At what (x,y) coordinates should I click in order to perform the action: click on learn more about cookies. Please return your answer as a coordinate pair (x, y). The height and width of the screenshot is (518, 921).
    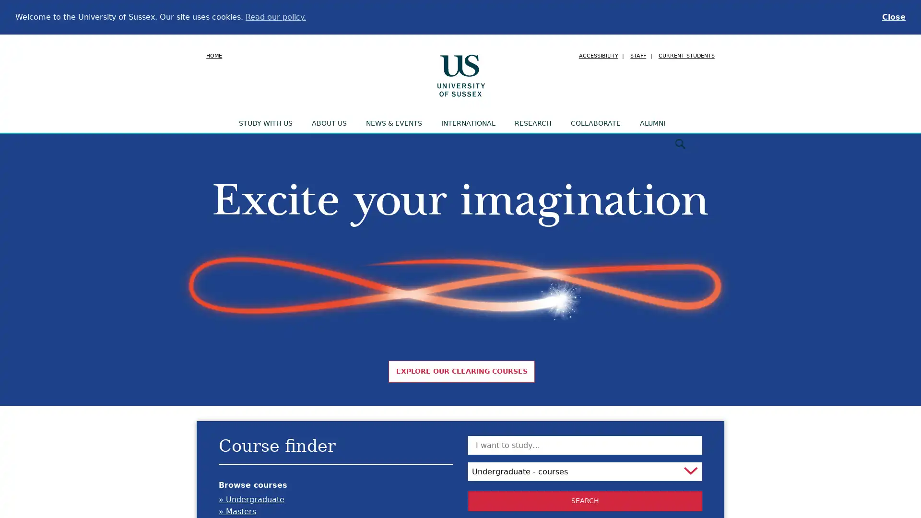
    Looking at the image, I should click on (275, 17).